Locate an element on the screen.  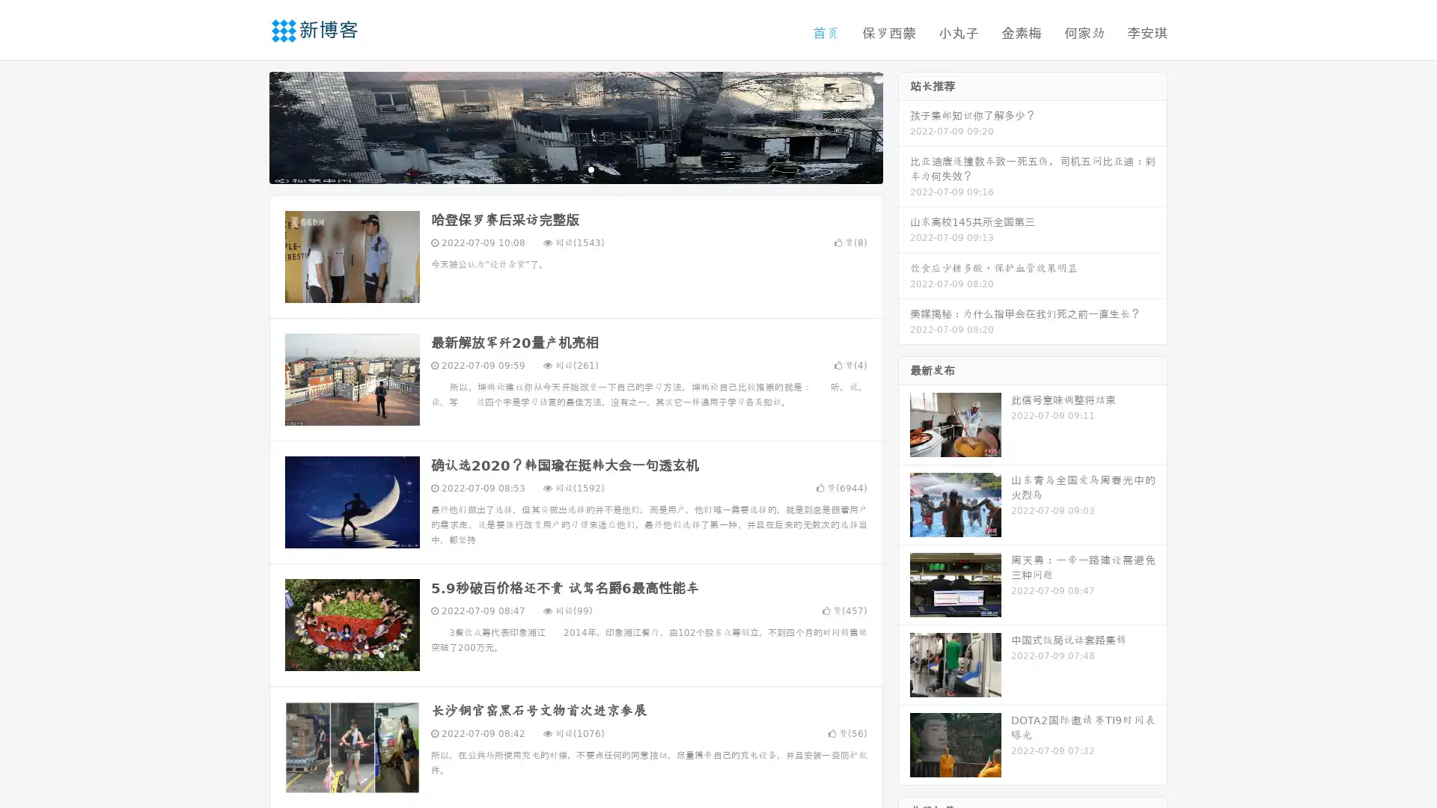
Previous slide is located at coordinates (247, 126).